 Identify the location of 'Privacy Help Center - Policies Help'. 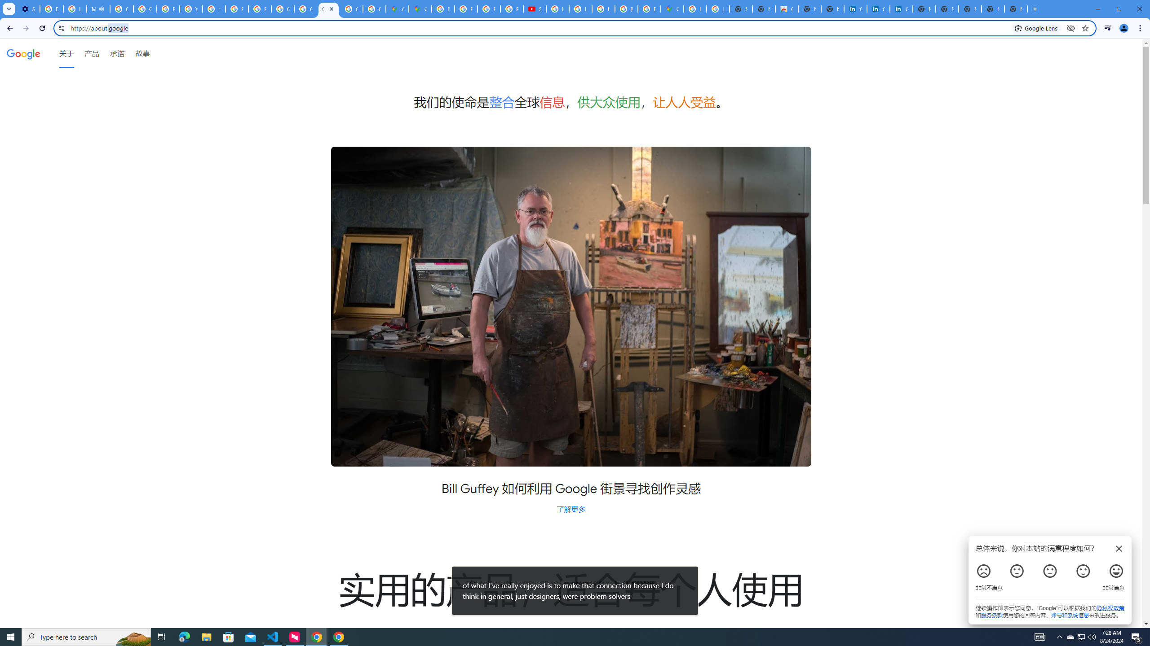
(489, 9).